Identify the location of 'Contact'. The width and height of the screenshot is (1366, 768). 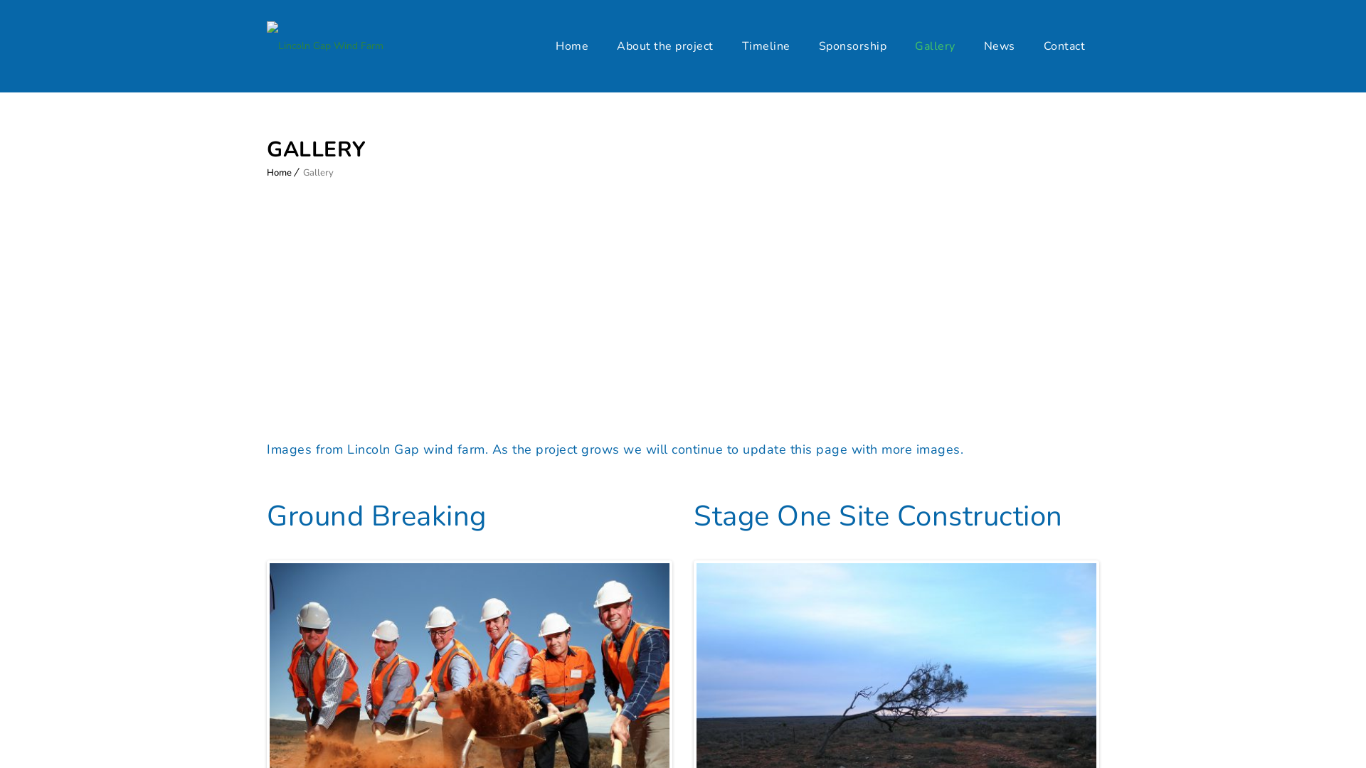
(1064, 46).